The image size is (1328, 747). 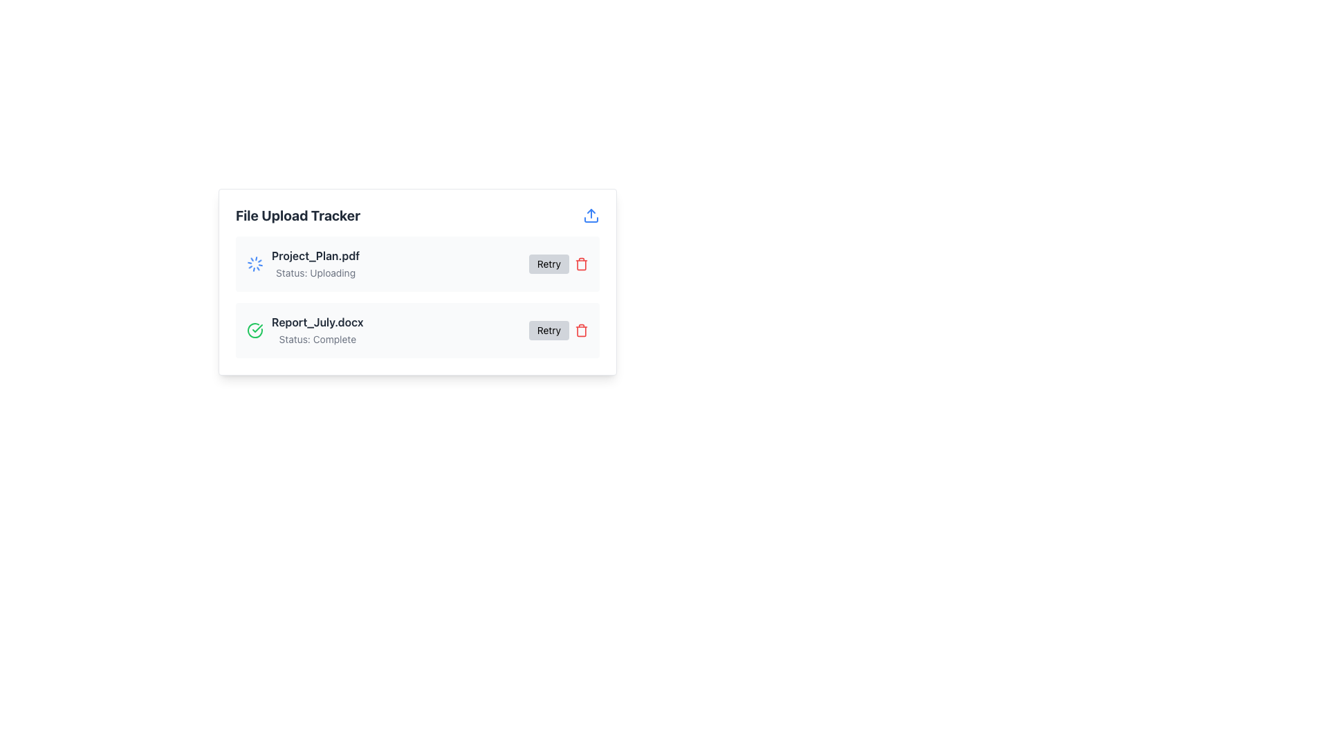 I want to click on the delete icon button located next to the 'Retry' button, so click(x=581, y=331).